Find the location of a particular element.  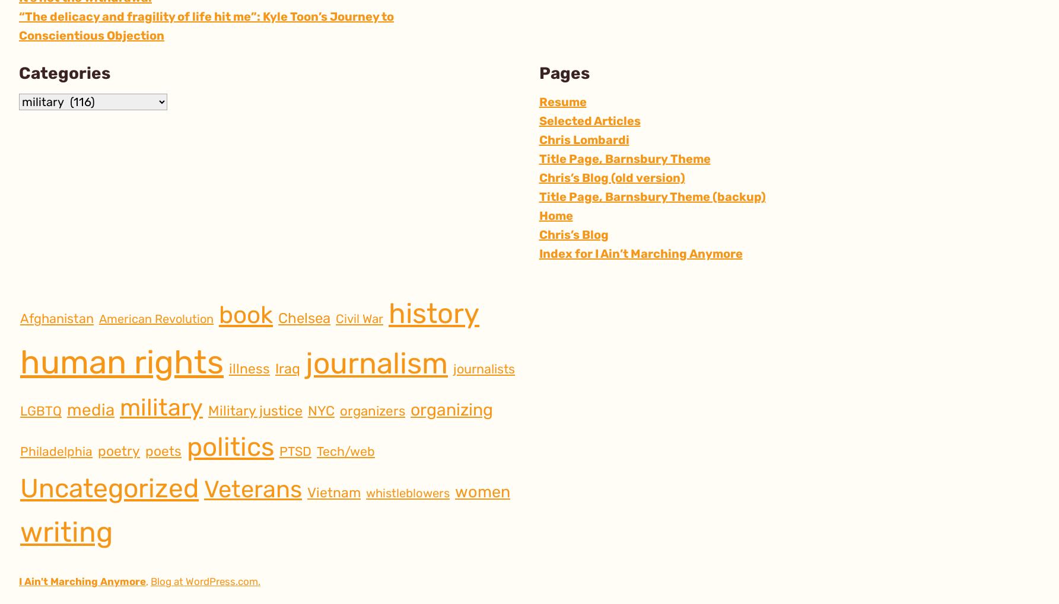

',' is located at coordinates (146, 581).